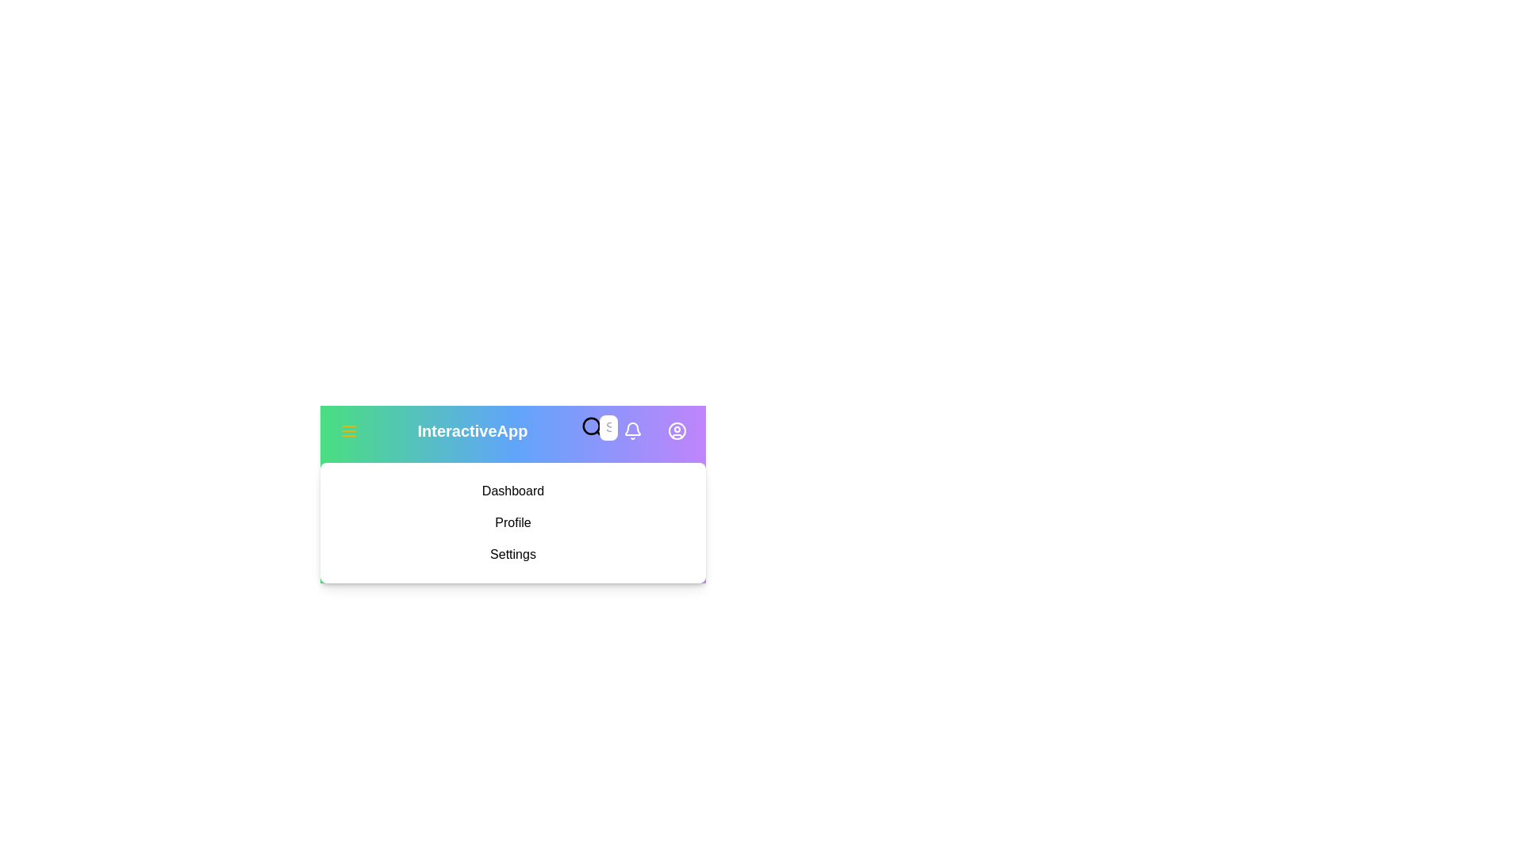  What do you see at coordinates (631, 430) in the screenshot?
I see `the notification bell icon` at bounding box center [631, 430].